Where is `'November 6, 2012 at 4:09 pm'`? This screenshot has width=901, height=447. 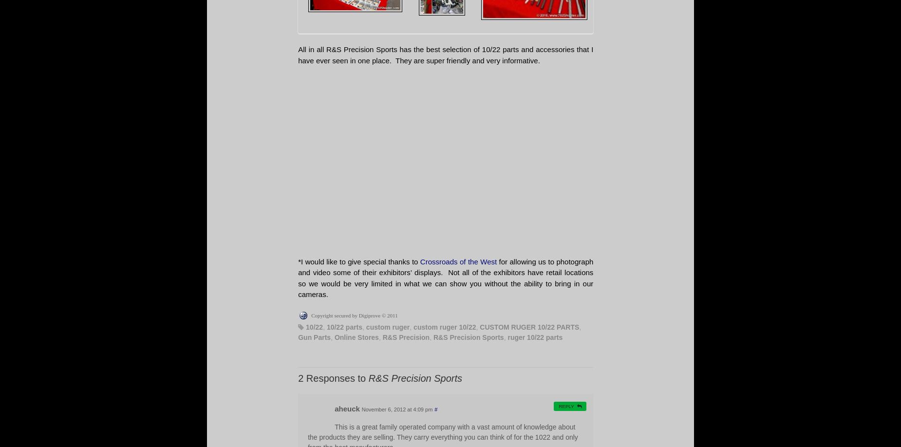
'November 6, 2012 at 4:09 pm' is located at coordinates (361, 409).